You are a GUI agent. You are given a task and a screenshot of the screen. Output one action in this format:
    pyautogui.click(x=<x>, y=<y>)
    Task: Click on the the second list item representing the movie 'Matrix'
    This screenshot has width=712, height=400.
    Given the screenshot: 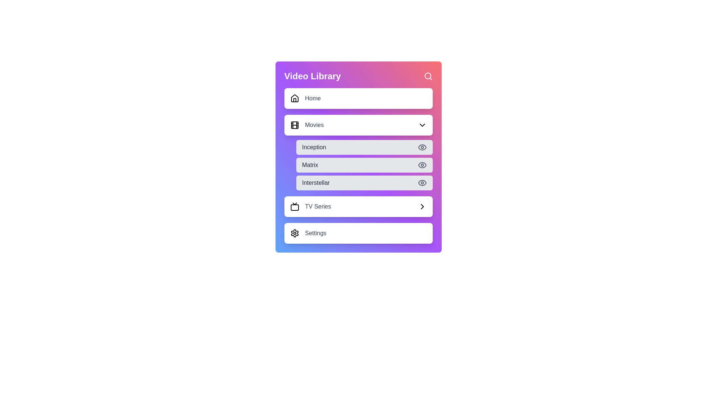 What is the action you would take?
    pyautogui.click(x=358, y=157)
    